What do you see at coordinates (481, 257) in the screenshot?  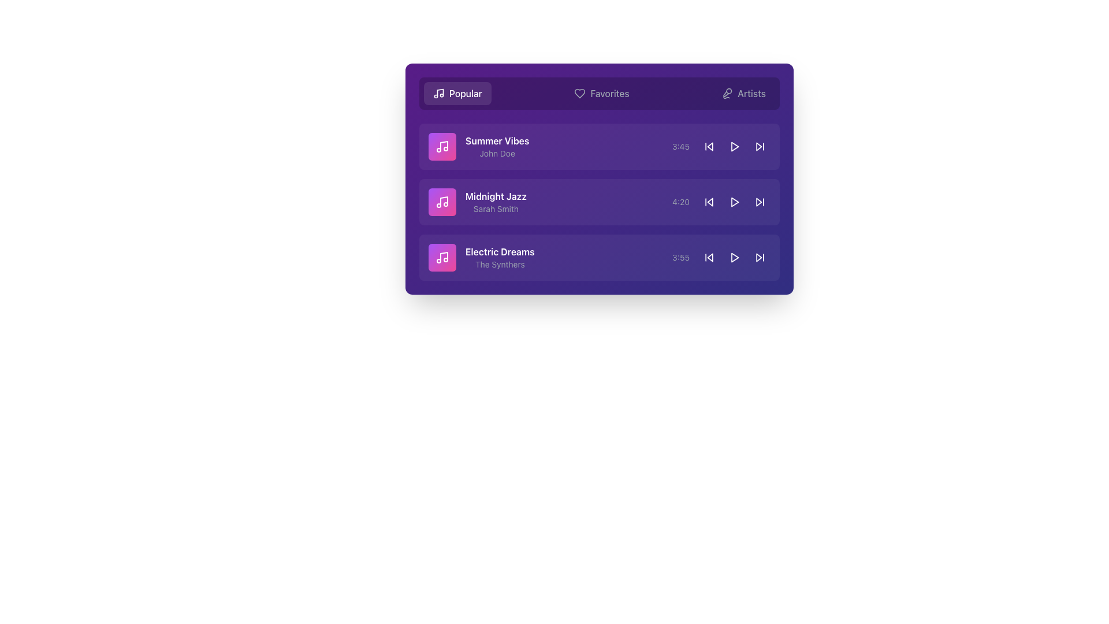 I see `the list item labeled 'Electric Dreams' which has a purple gradient background and a music note icon` at bounding box center [481, 257].